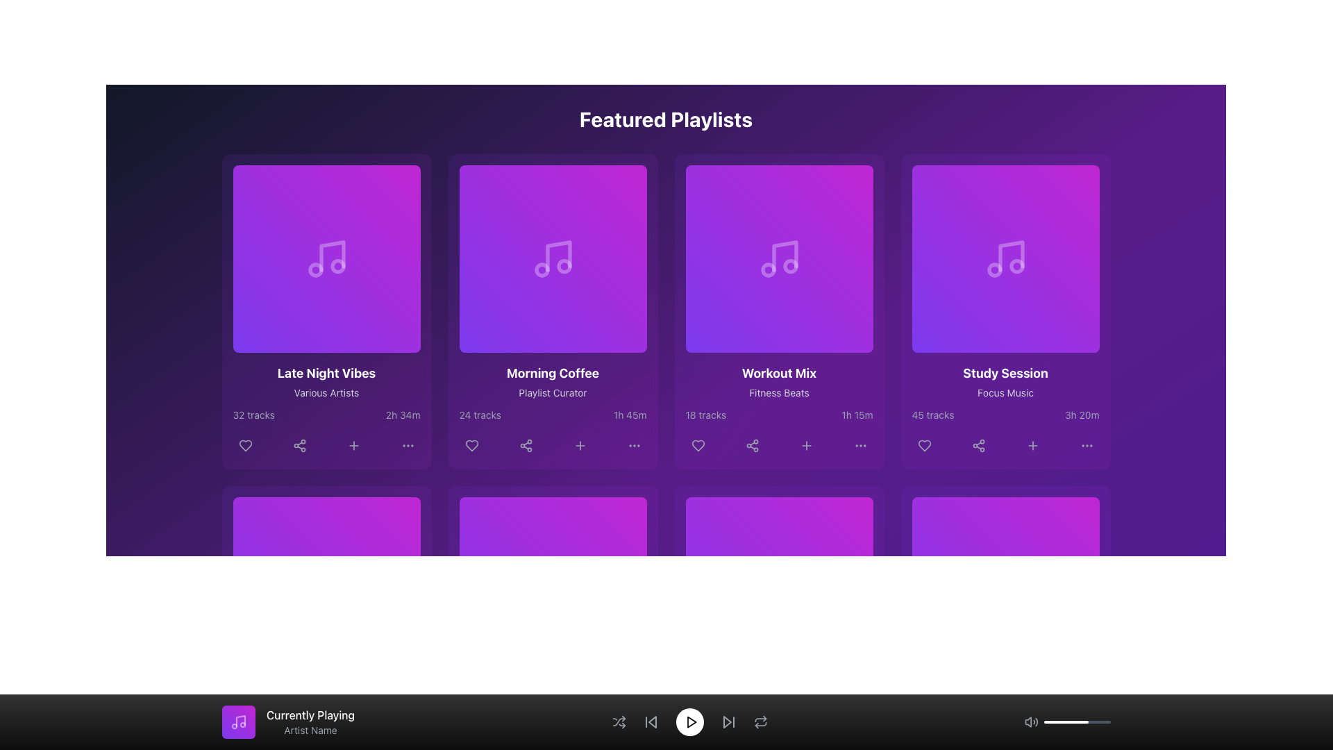 The height and width of the screenshot is (750, 1333). I want to click on the circular button with a plus icon located beneath the 'Late Night Vibes' playlist, so click(353, 445).